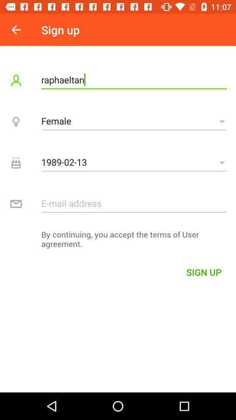 The width and height of the screenshot is (236, 420). What do you see at coordinates (16, 30) in the screenshot?
I see `the item to the left of sign up` at bounding box center [16, 30].